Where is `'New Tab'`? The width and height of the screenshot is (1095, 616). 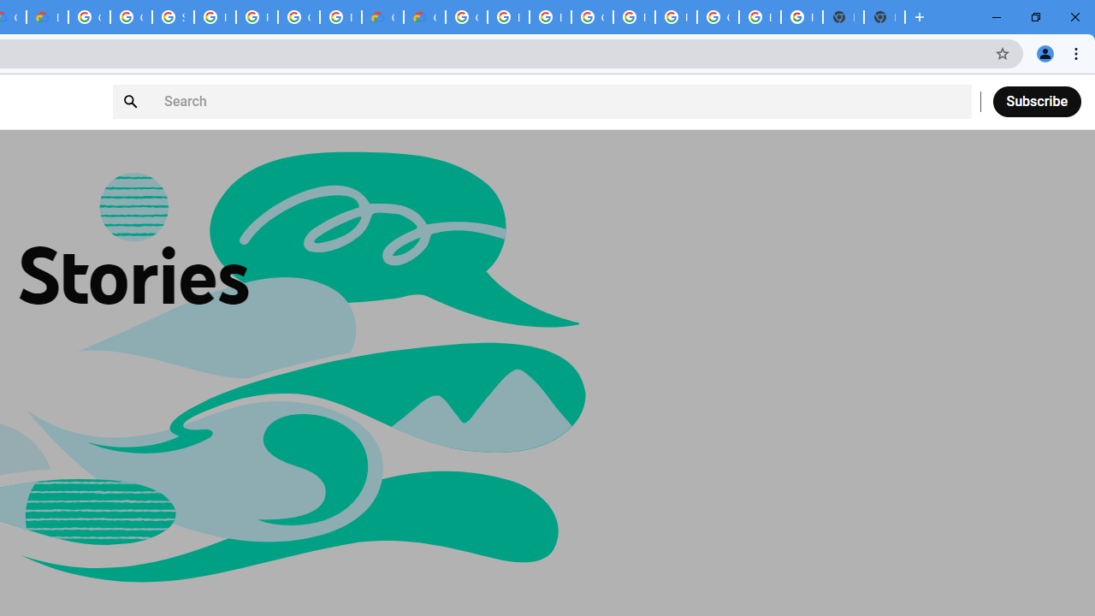
'New Tab' is located at coordinates (885, 17).